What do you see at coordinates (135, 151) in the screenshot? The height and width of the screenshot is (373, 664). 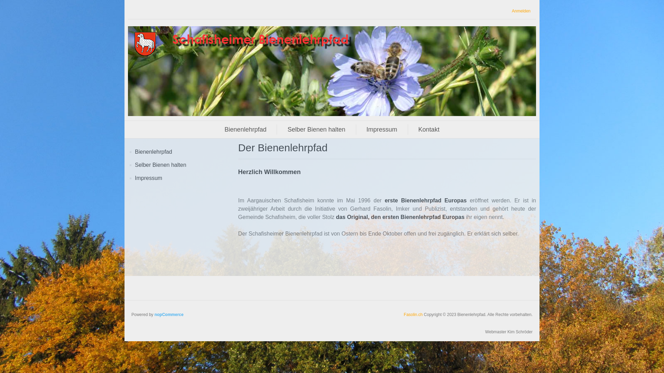 I see `'Bienenlehrpfad'` at bounding box center [135, 151].